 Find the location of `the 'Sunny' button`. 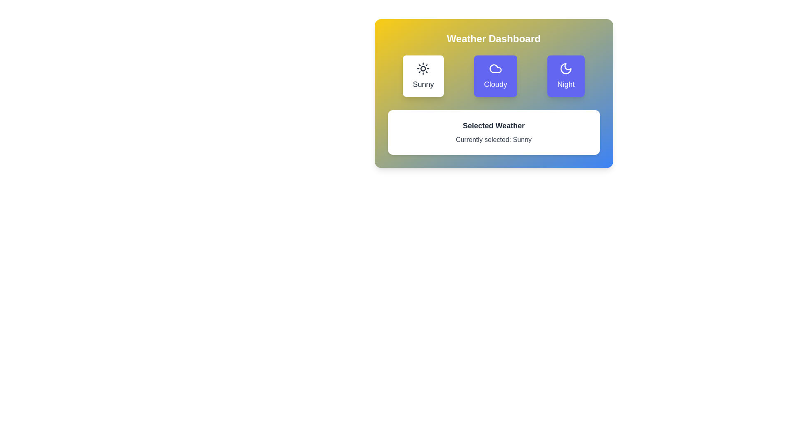

the 'Sunny' button is located at coordinates (423, 76).